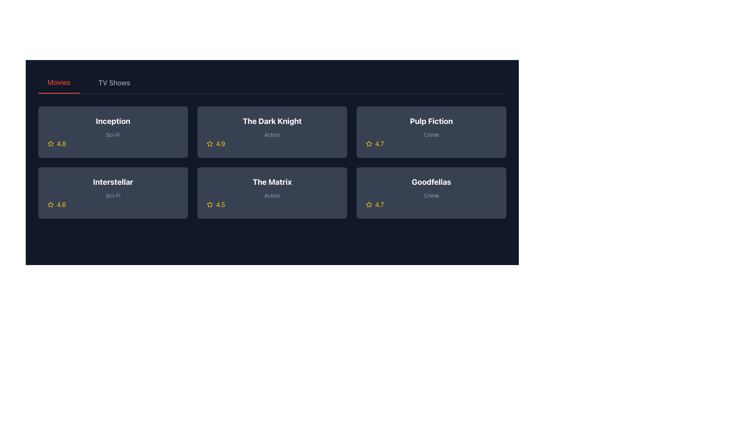 The image size is (749, 421). What do you see at coordinates (112, 182) in the screenshot?
I see `the bold text label that reads 'Interstellar', which is prominently displayed in a large font size and white color on a dark gray background, positioned within a card layout above the subtitle 'Sci-Fi'` at bounding box center [112, 182].